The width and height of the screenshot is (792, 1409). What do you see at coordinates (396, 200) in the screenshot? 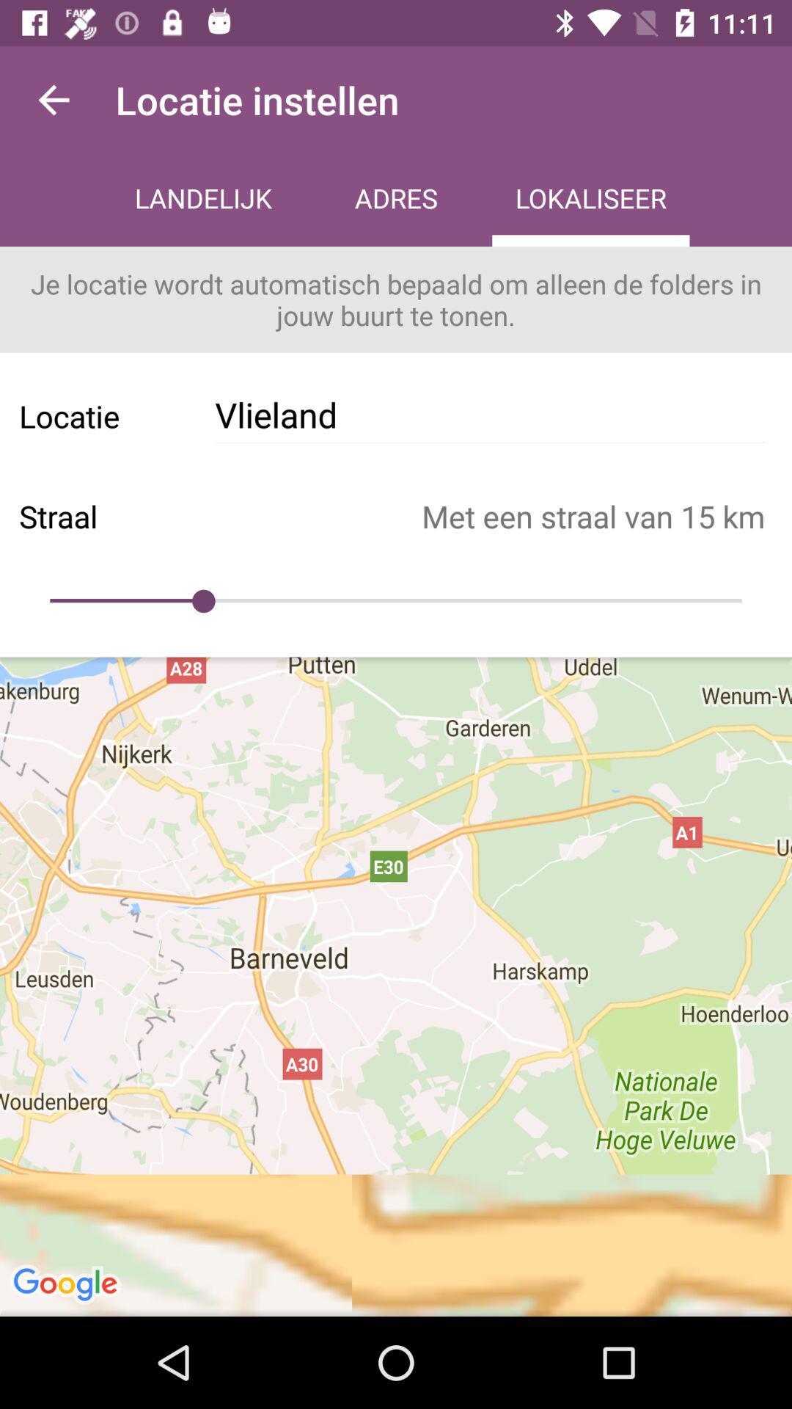
I see `app below the locatie instellen icon` at bounding box center [396, 200].